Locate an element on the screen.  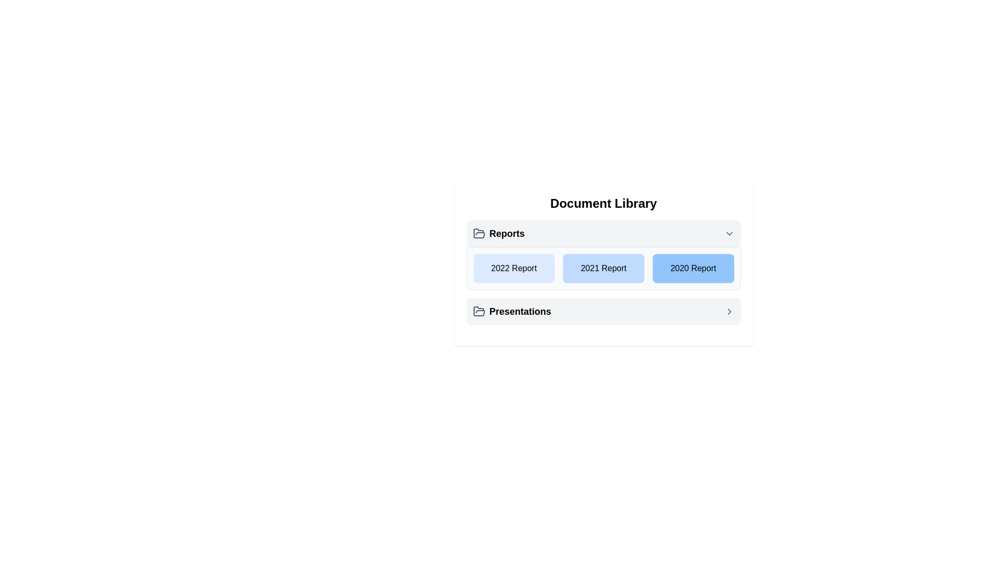
the folder icon, which is a minimalistic gray outline positioned to the left of the 'Reports' label in the 'Document Library' section is located at coordinates (478, 234).